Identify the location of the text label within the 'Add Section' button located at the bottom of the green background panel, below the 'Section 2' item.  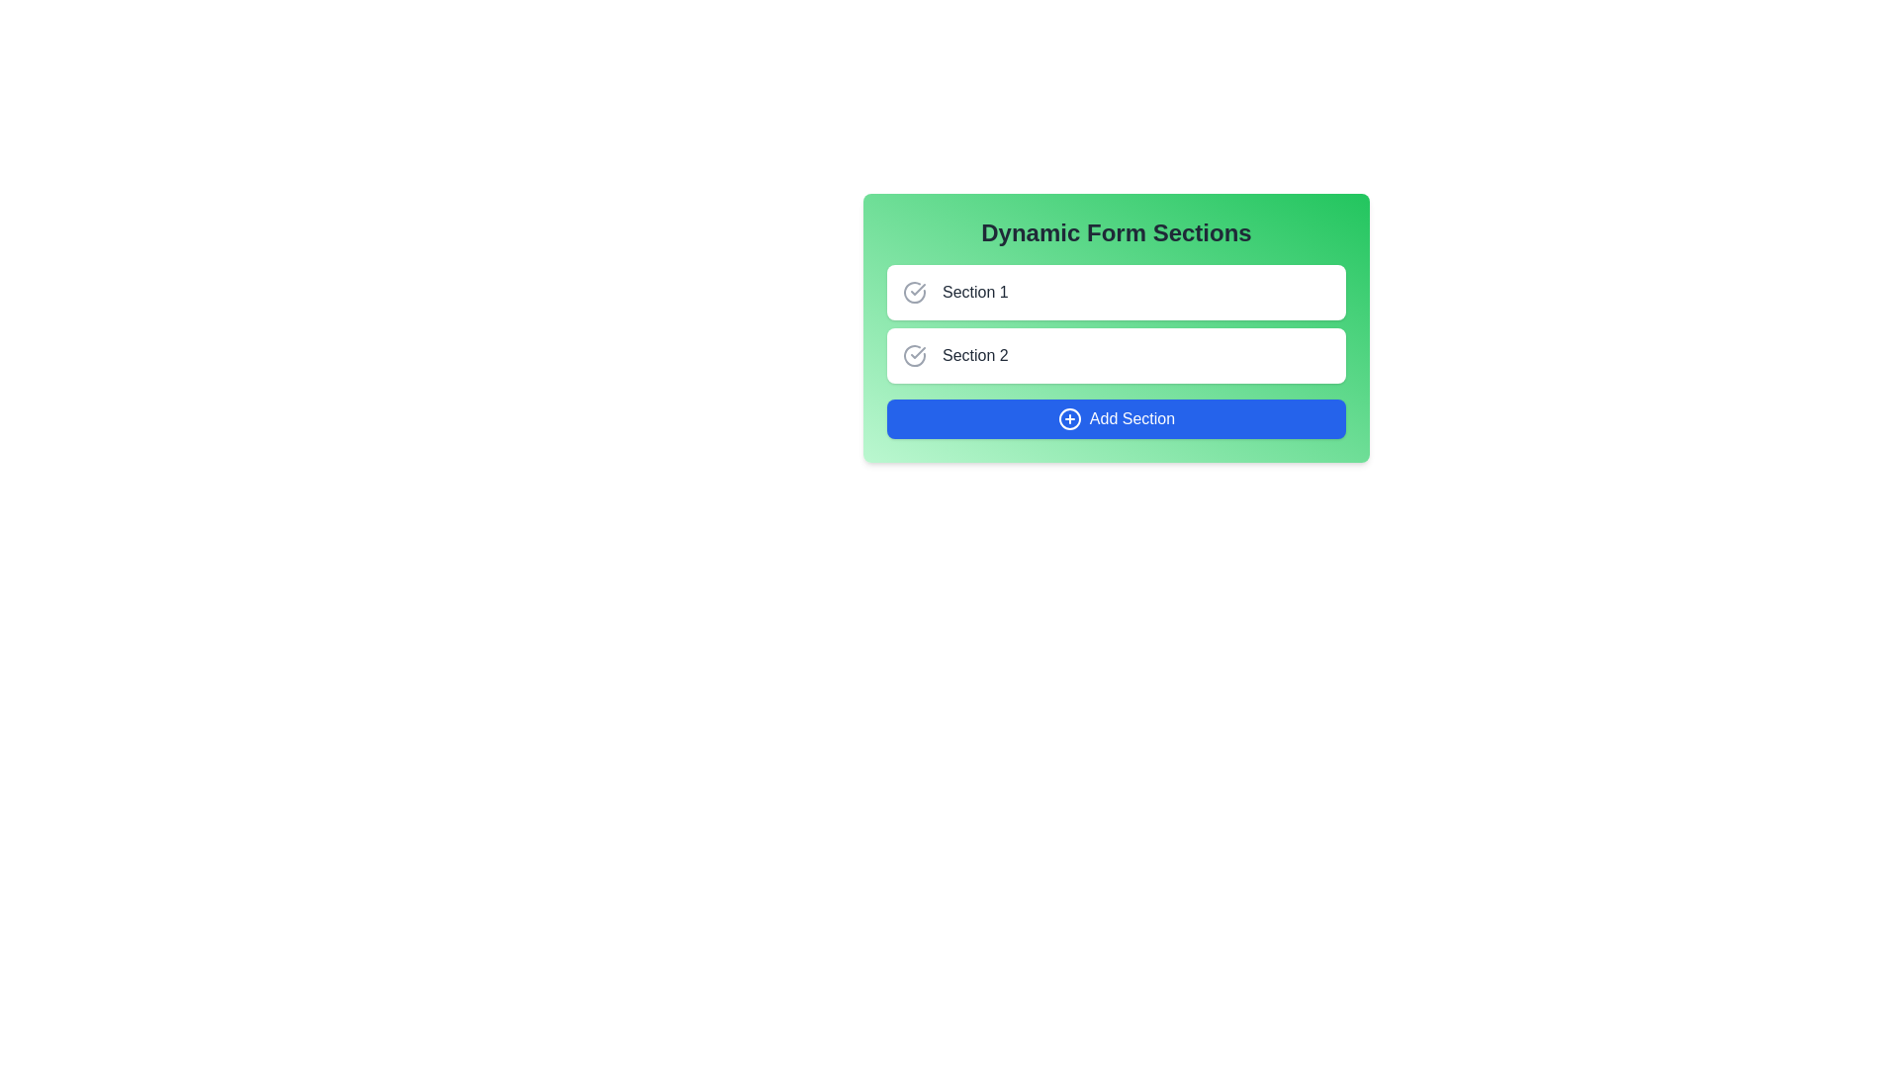
(1132, 418).